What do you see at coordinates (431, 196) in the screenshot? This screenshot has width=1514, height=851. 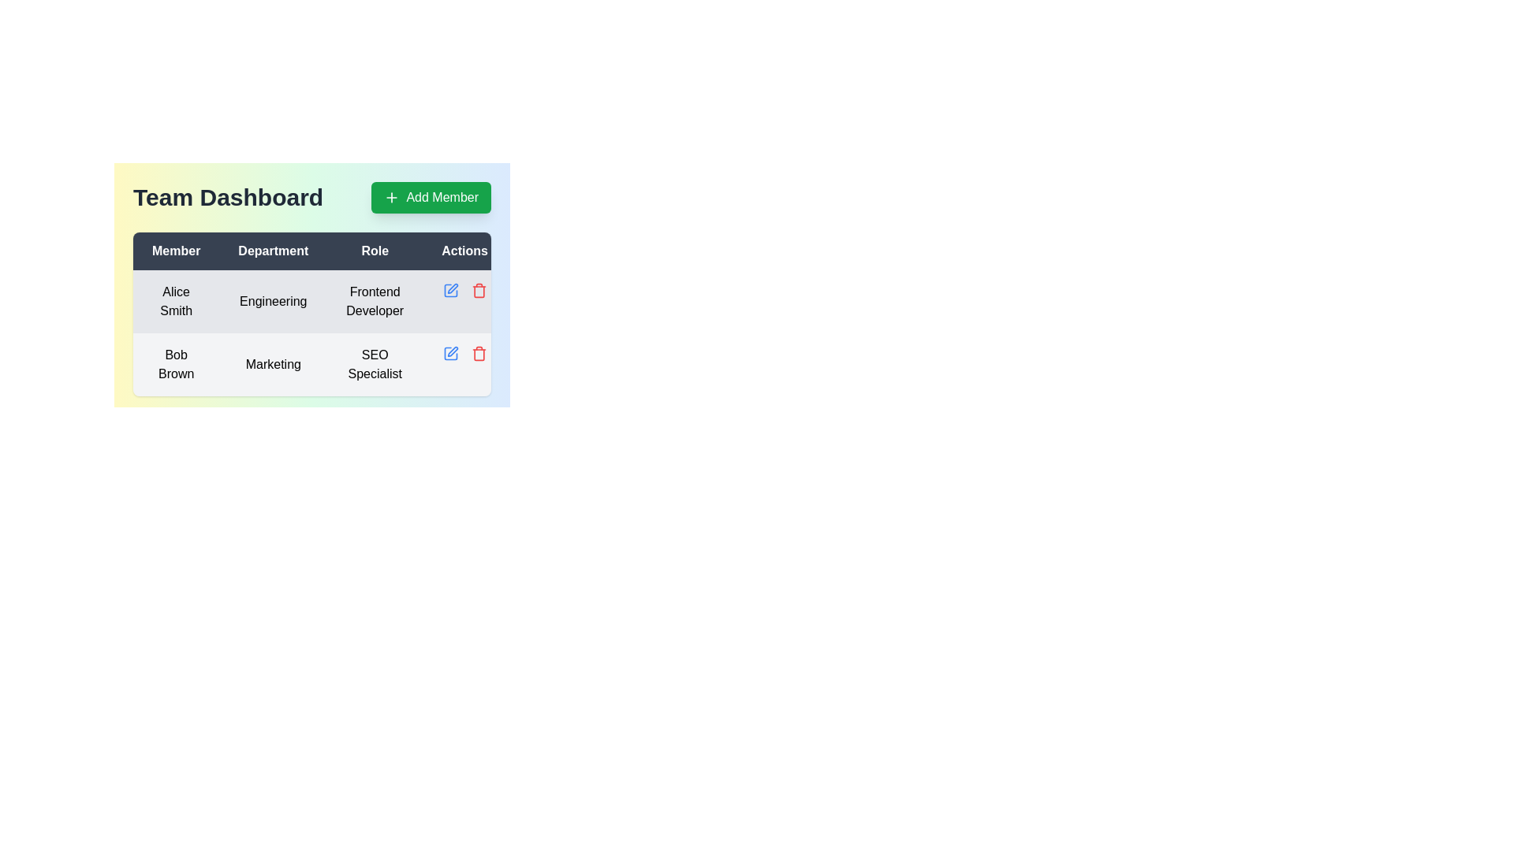 I see `the button to add a new member to the team, located to the right of the 'Team Dashboard' title` at bounding box center [431, 196].